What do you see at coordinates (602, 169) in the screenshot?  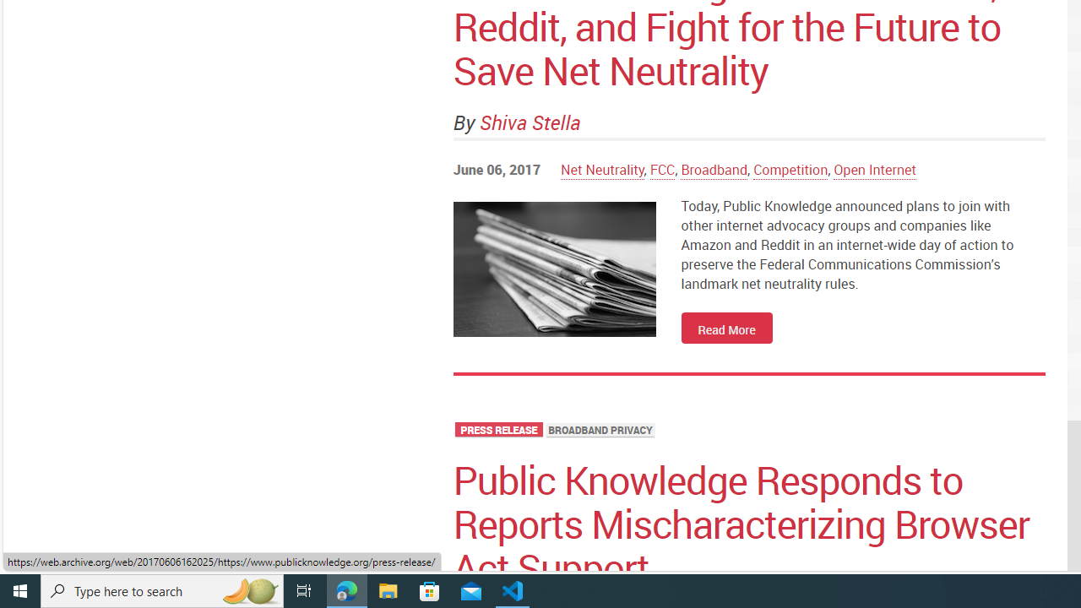 I see `'Net Neutrality'` at bounding box center [602, 169].